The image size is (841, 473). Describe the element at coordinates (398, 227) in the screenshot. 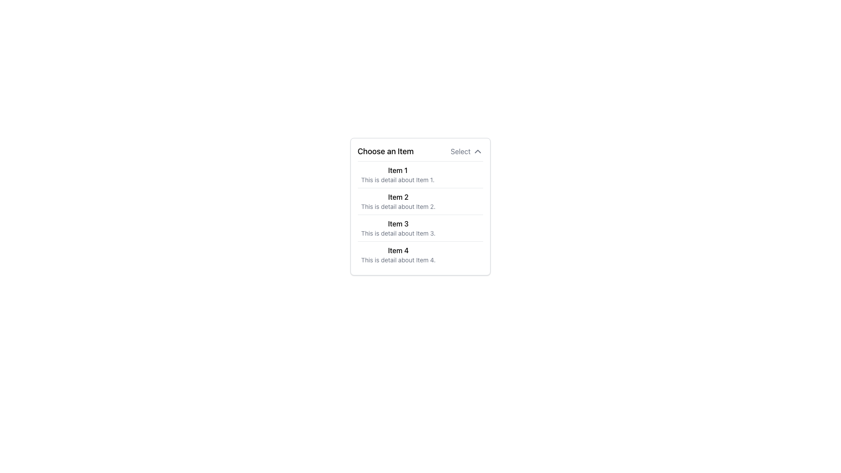

I see `the third item in the dropdown menu, which presents a title and a brief description, positioned between 'Item 2' and 'Item 4'` at that location.